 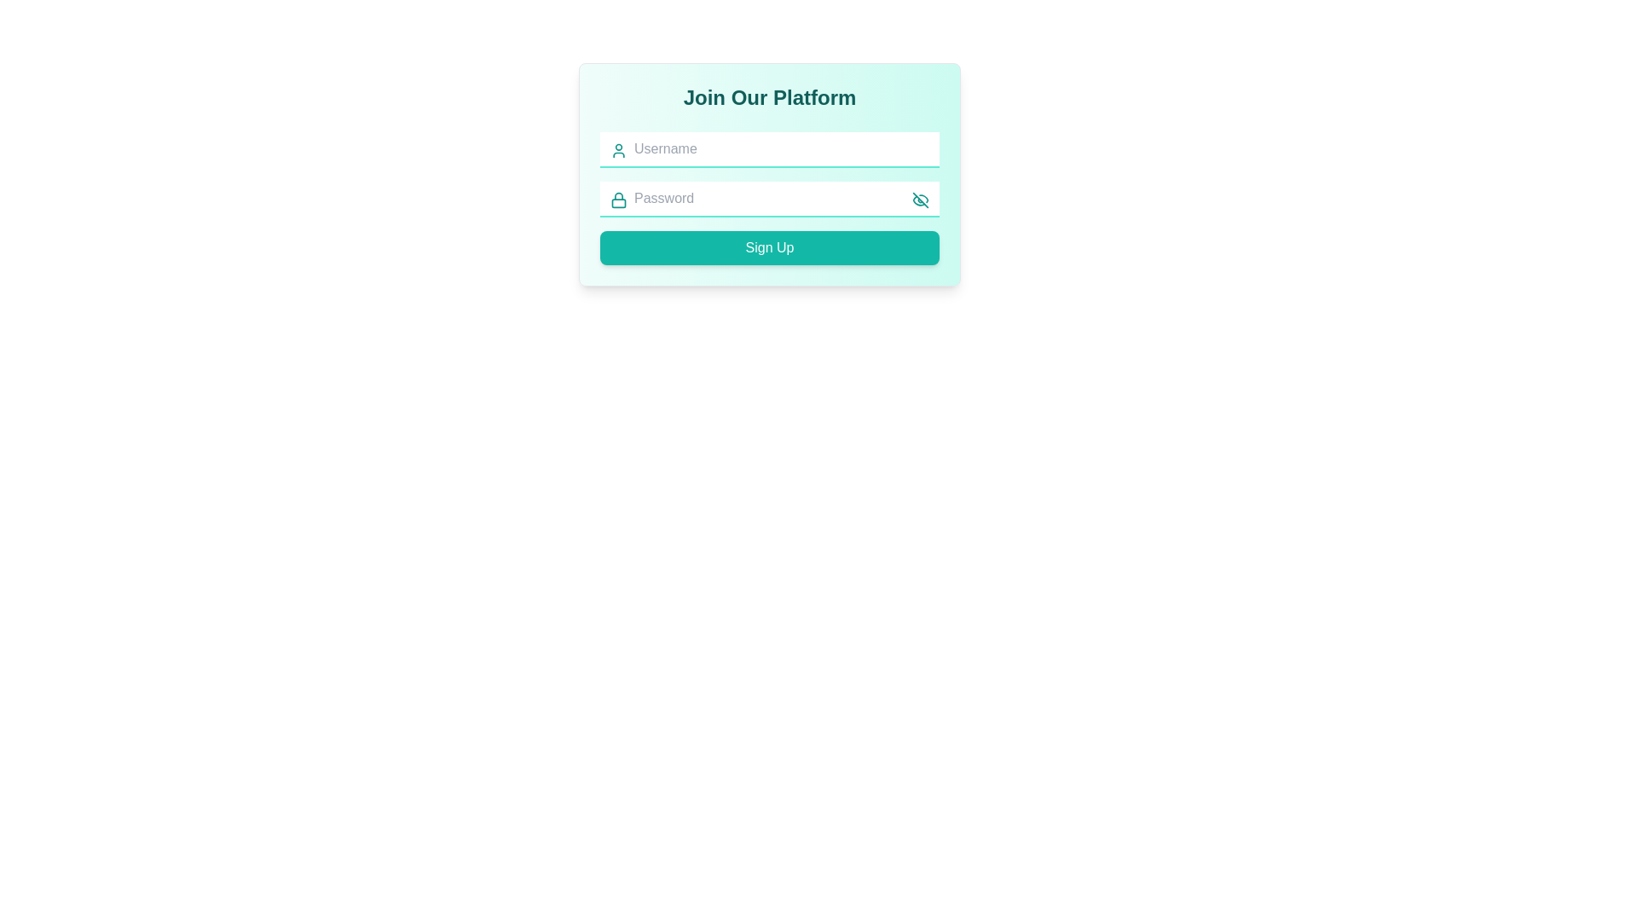 What do you see at coordinates (617, 202) in the screenshot?
I see `the small rectangle with rounded corners located within the lock icon, which is positioned to the left of the 'Password' input field` at bounding box center [617, 202].